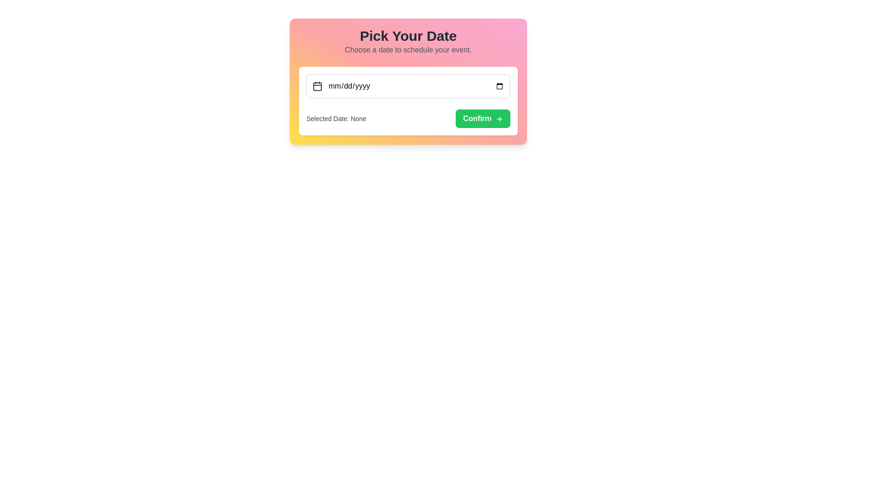  I want to click on the main body of the calendar icon located to the left of the date input field labeled 'mm/dd/yyyy', so click(318, 86).